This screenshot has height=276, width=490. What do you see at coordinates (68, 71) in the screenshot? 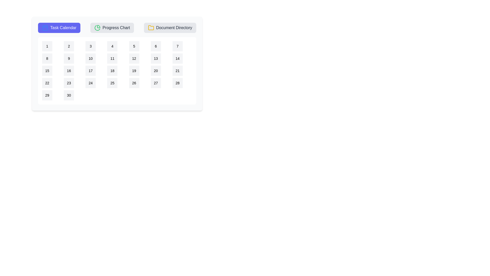
I see `the calendar date 16` at bounding box center [68, 71].